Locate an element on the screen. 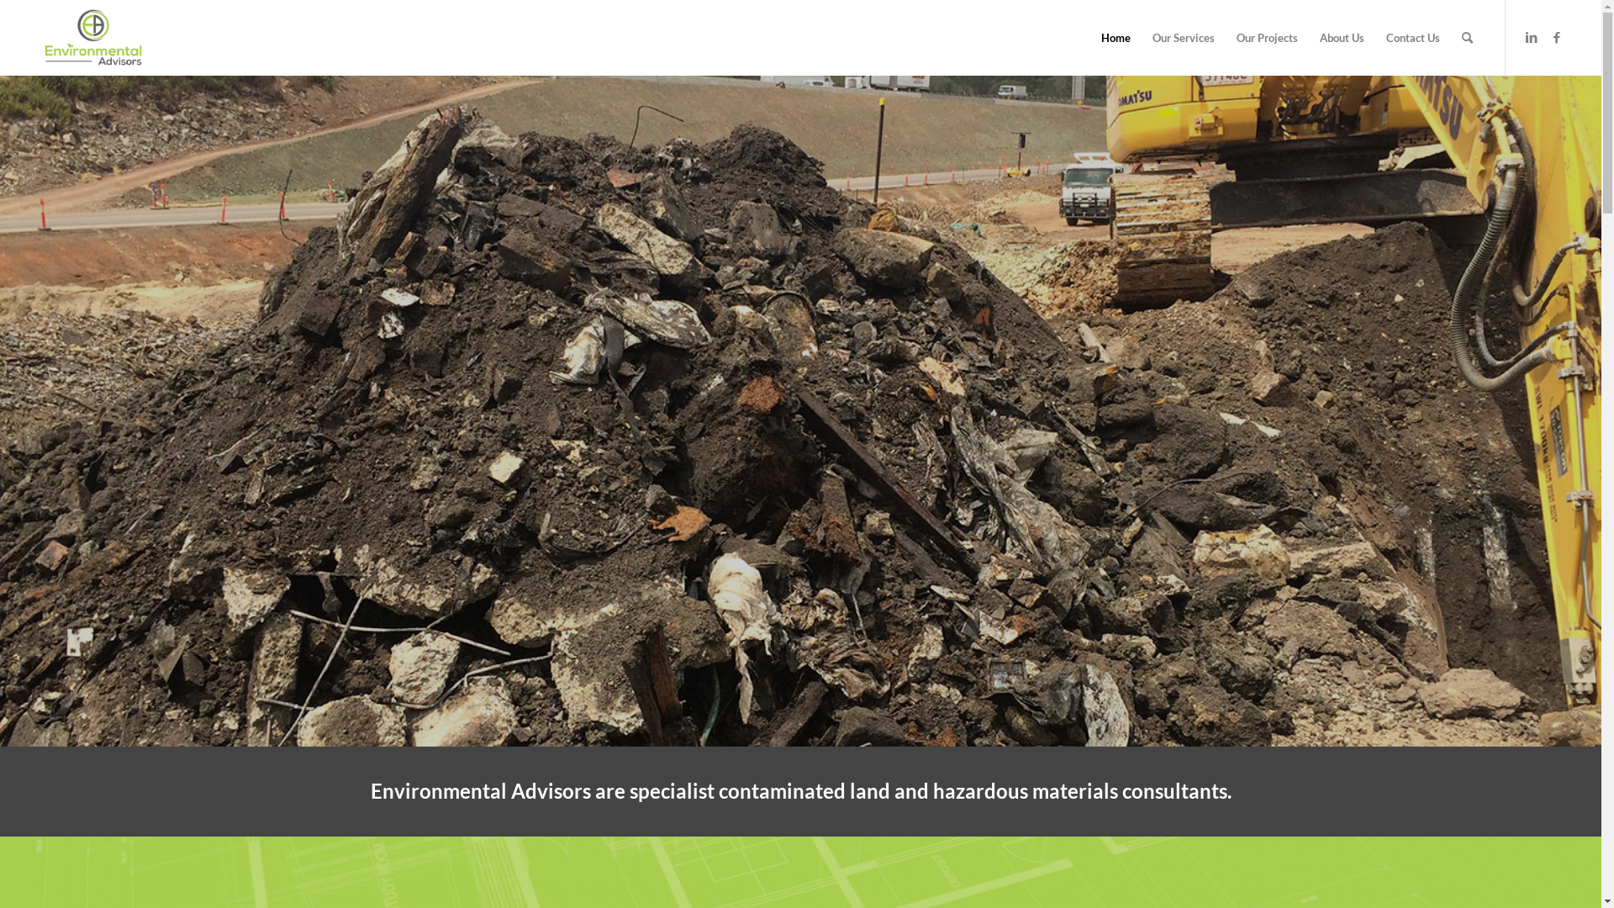 This screenshot has width=1614, height=908. 'Contact Us' is located at coordinates (1412, 38).